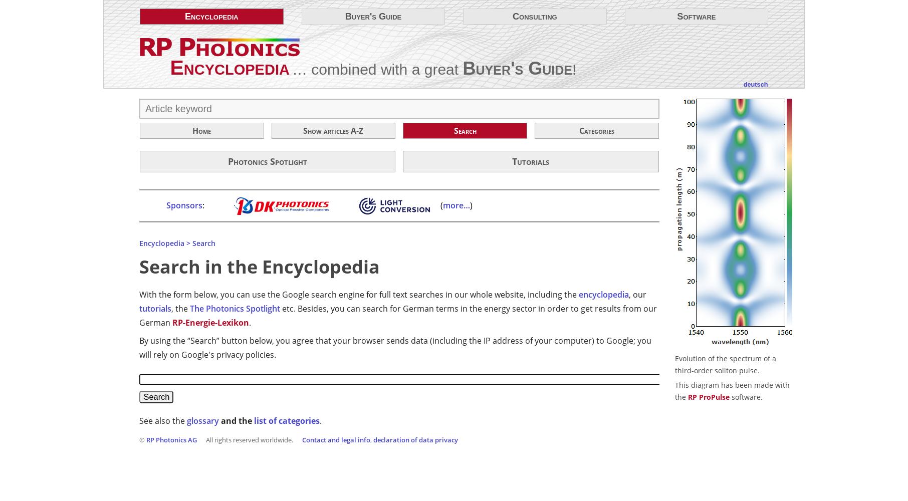 The image size is (908, 501). What do you see at coordinates (139, 293) in the screenshot?
I see `'With the form below, you can use the Google search engine for full text searches in our whole website, including the'` at bounding box center [139, 293].